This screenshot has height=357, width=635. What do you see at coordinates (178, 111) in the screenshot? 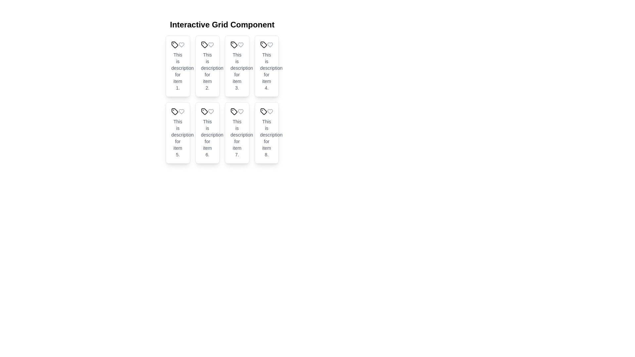
I see `the icon that serves as a visual identifier for the fifth card in the grid layout, located above the description text` at bounding box center [178, 111].